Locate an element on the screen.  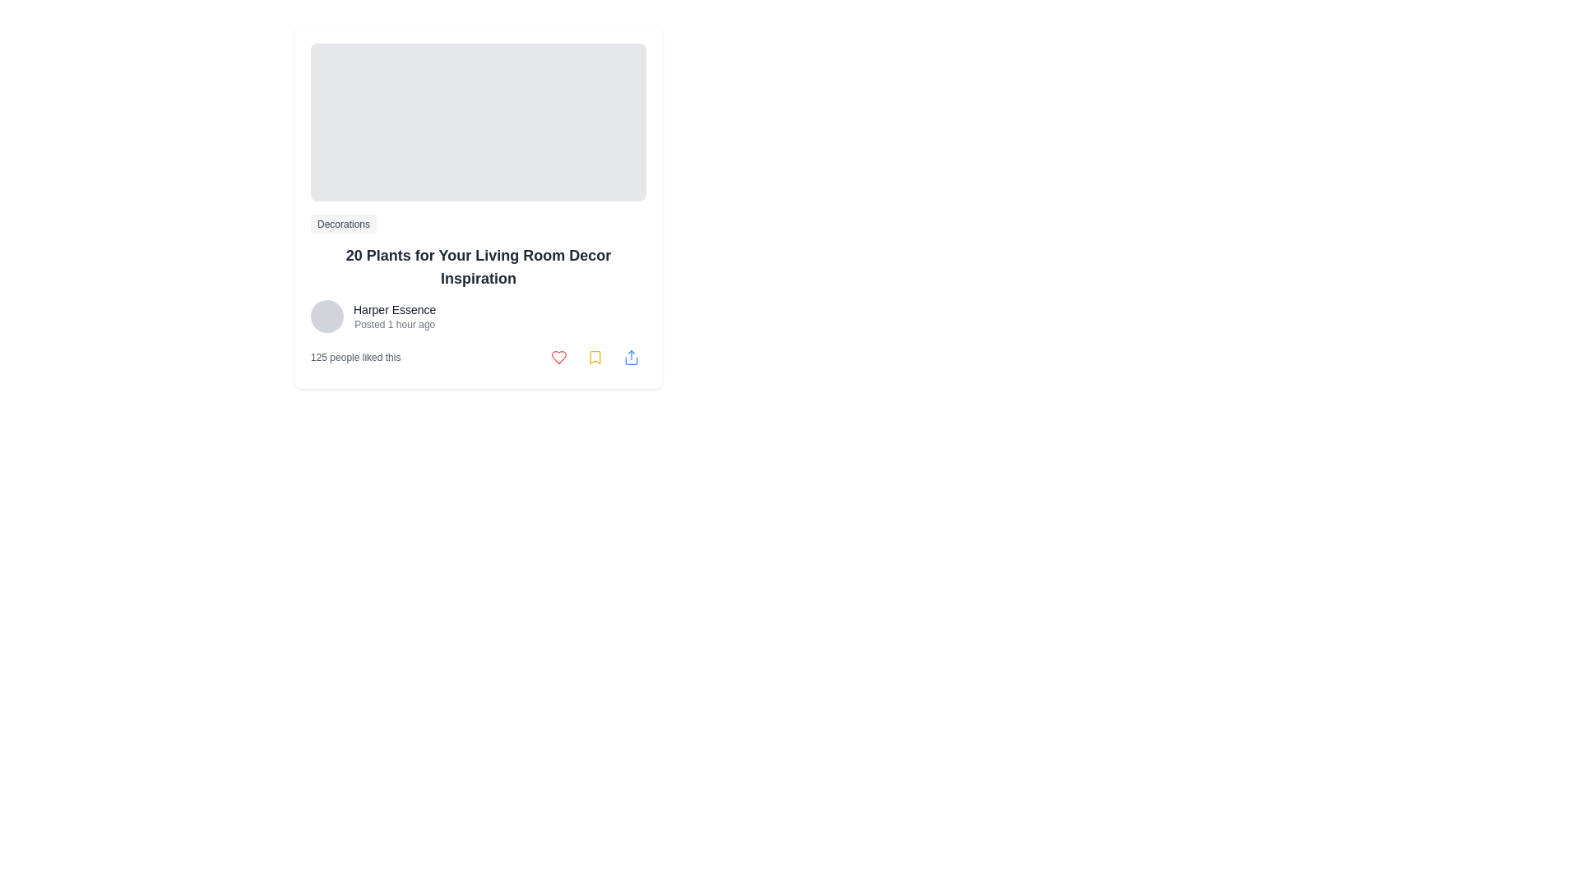
the share button icon, which is represented by an upward pointing arrow and is located at the bottom right corner of the card component is located at coordinates (631, 357).